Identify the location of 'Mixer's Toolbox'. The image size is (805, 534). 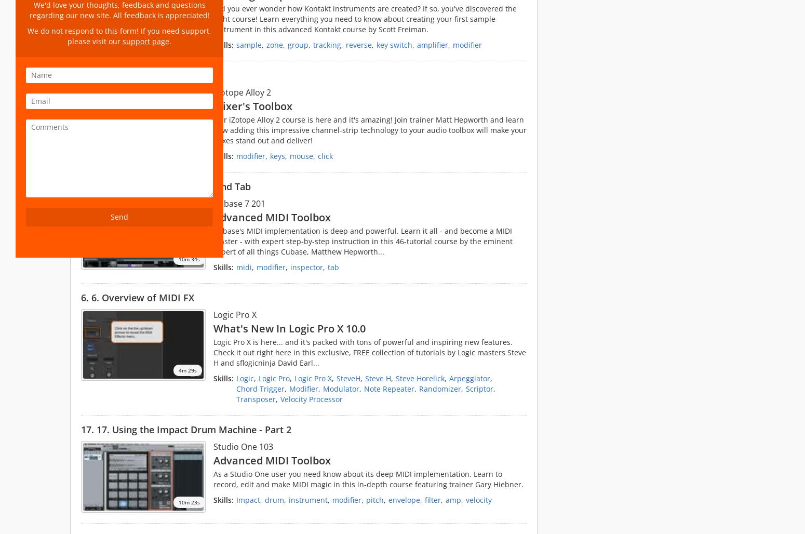
(213, 105).